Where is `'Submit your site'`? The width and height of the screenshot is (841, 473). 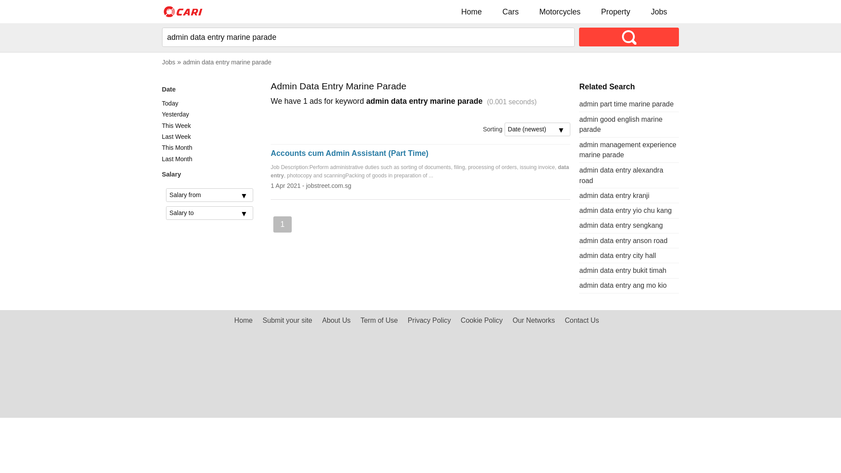 'Submit your site' is located at coordinates (287, 320).